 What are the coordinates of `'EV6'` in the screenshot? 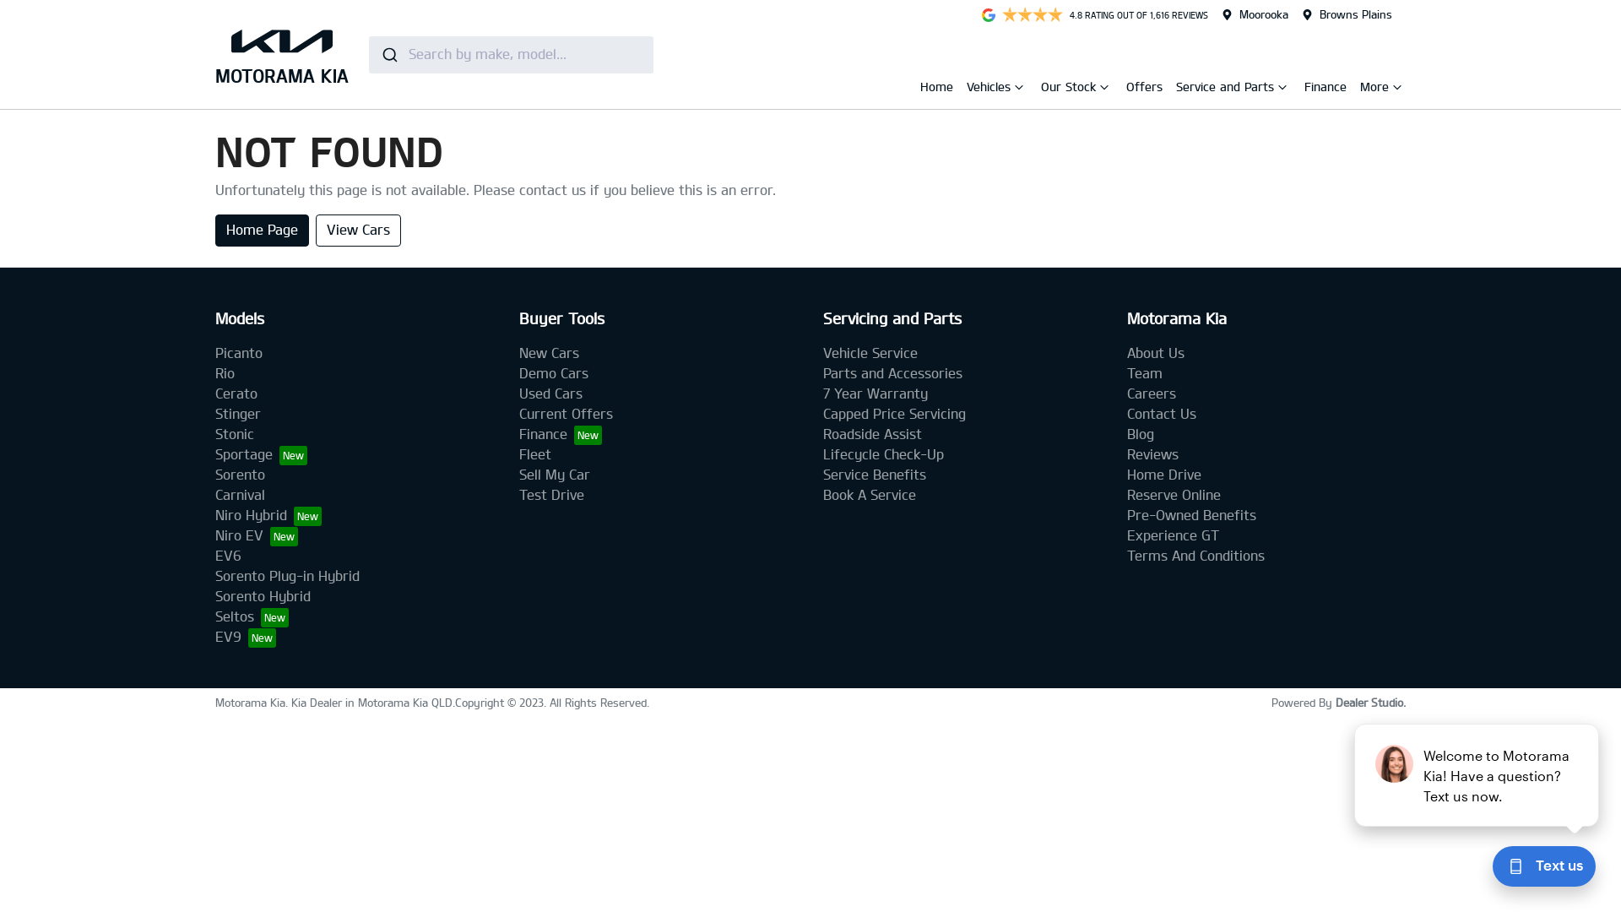 It's located at (227, 556).